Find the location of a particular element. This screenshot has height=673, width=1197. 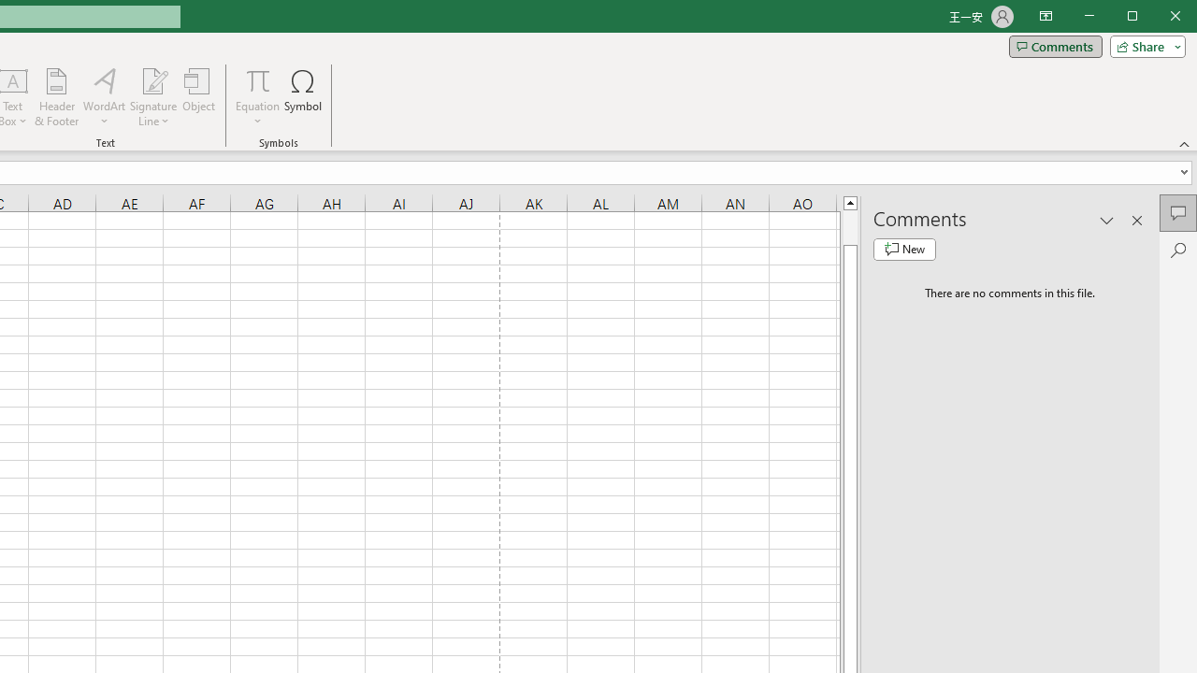

'Close pane' is located at coordinates (1136, 219).